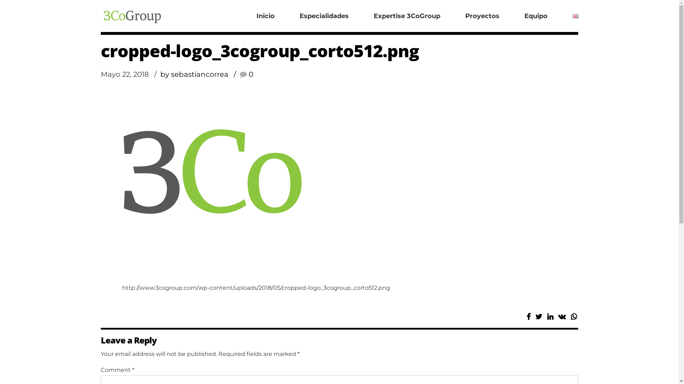 The height and width of the screenshot is (384, 684). I want to click on 'Equipo', so click(536, 16).